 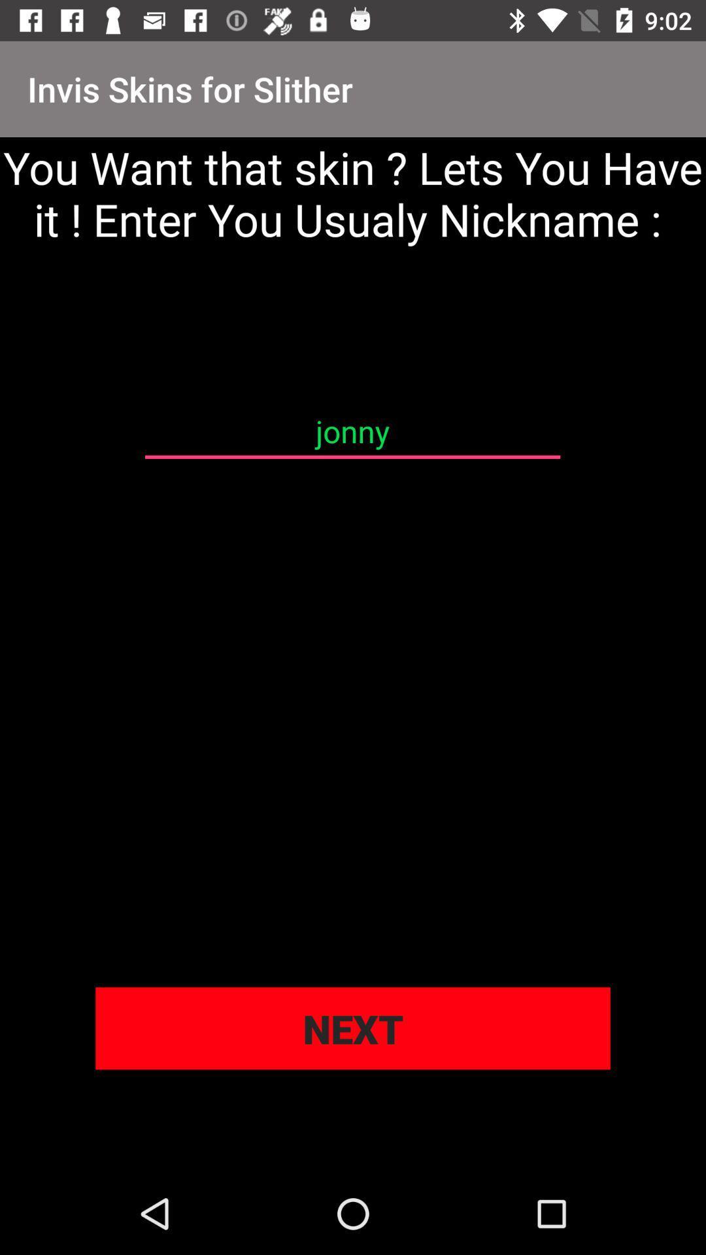 I want to click on the jonny item, so click(x=352, y=431).